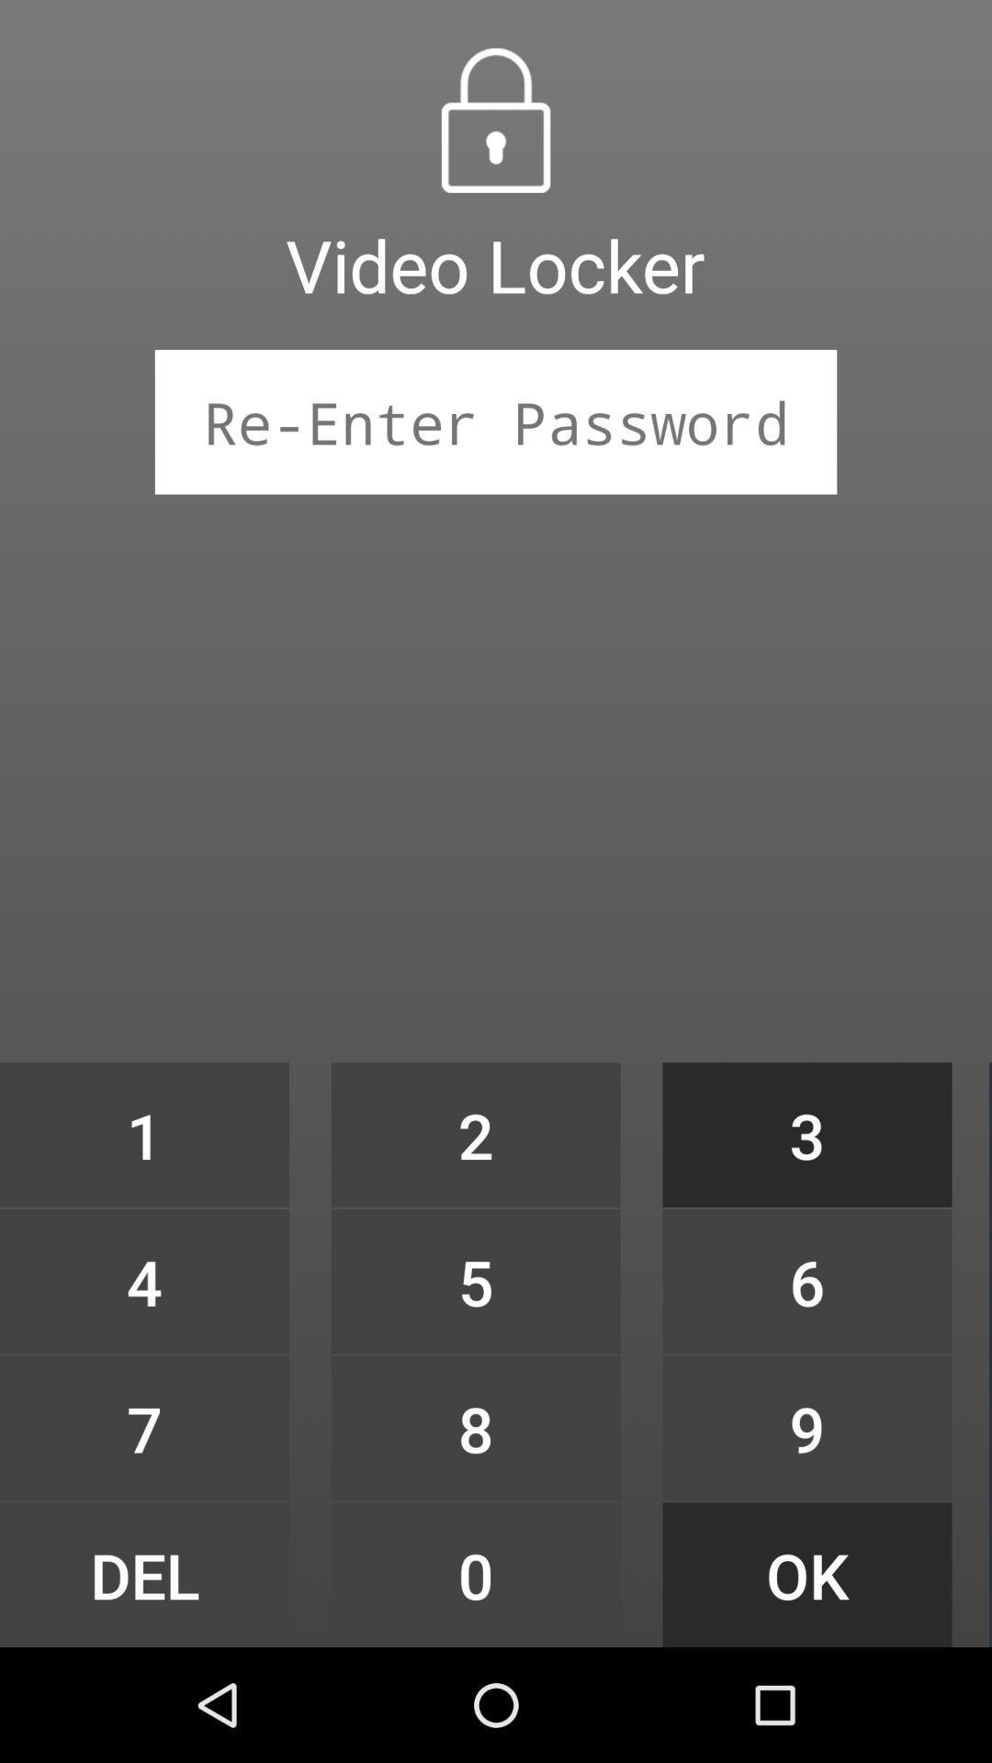 The width and height of the screenshot is (992, 1763). What do you see at coordinates (143, 1574) in the screenshot?
I see `del` at bounding box center [143, 1574].